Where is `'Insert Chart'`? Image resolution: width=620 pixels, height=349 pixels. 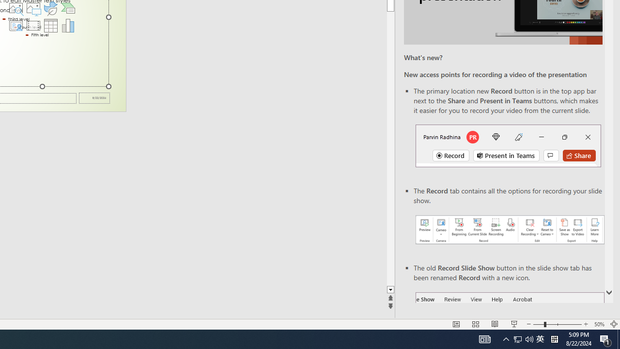 'Insert Chart' is located at coordinates (68, 25).